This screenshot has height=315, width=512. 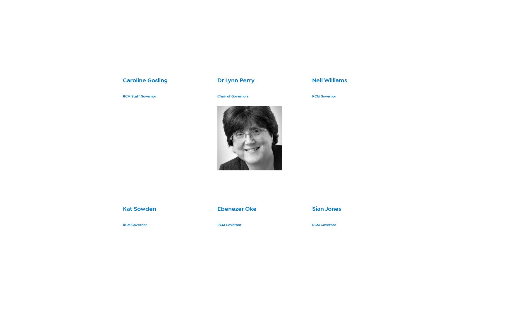 What do you see at coordinates (326, 209) in the screenshot?
I see `'Sian Jones'` at bounding box center [326, 209].